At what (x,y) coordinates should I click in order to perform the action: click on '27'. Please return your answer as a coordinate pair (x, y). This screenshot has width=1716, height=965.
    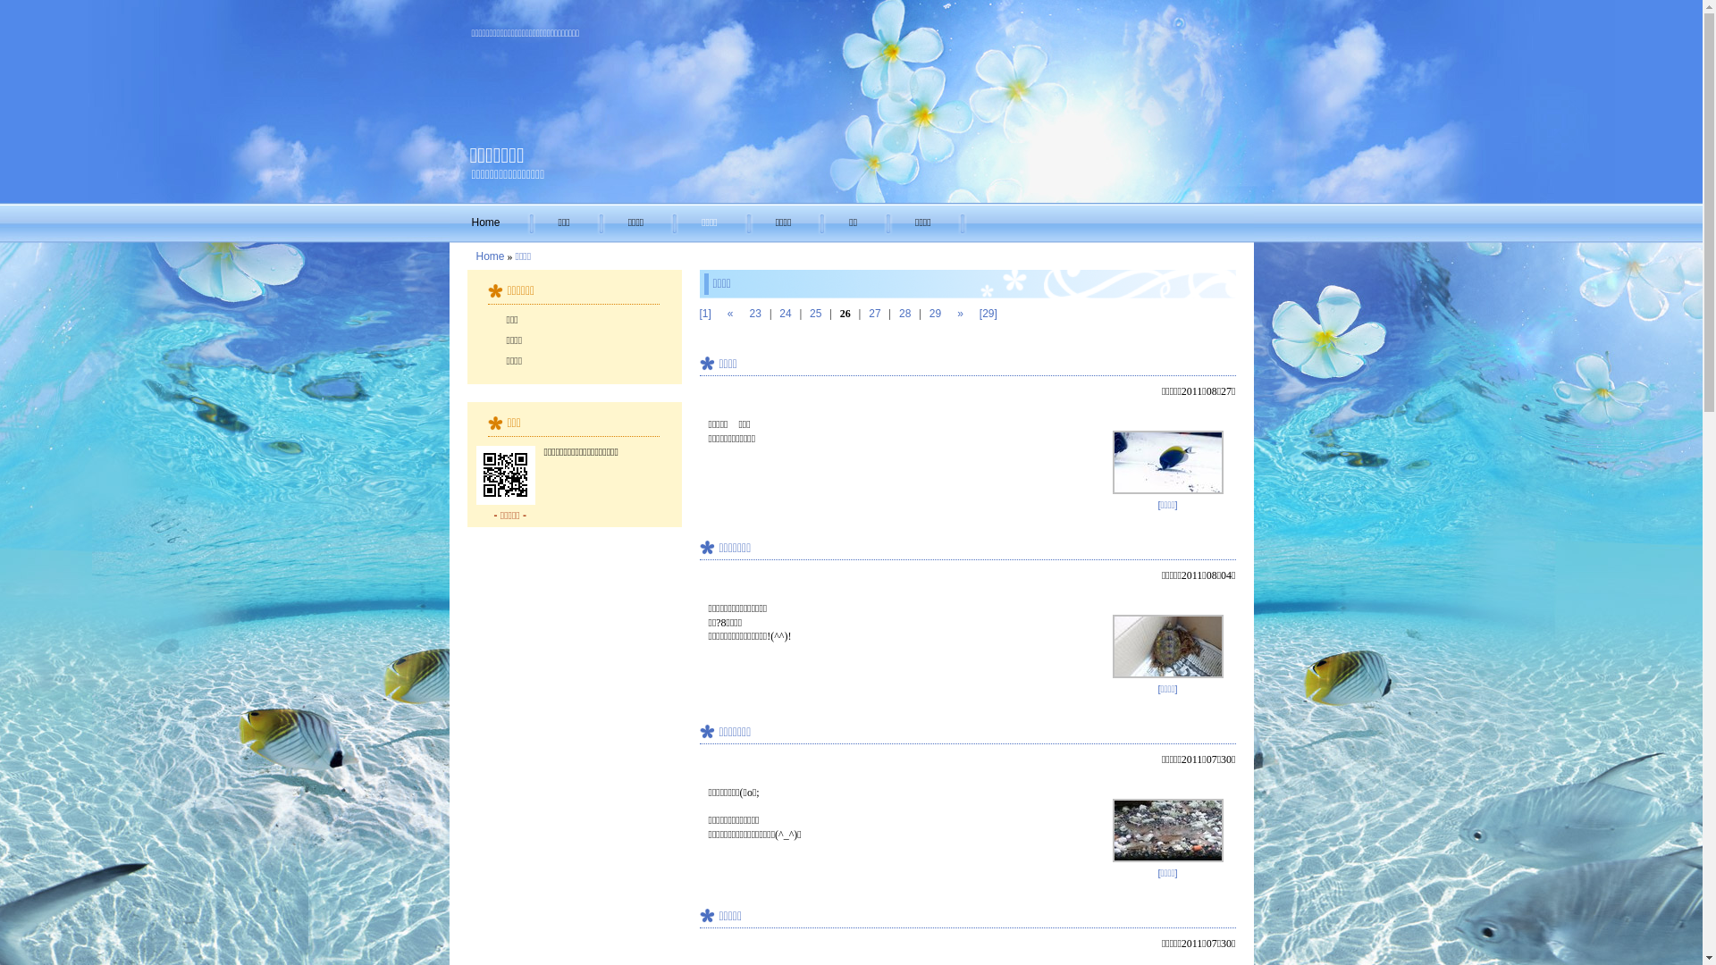
    Looking at the image, I should click on (874, 313).